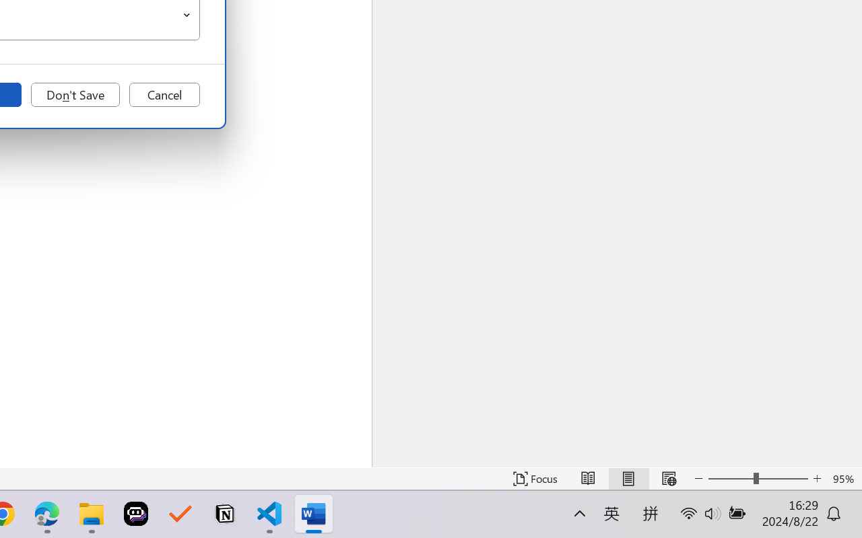 Image resolution: width=862 pixels, height=538 pixels. Describe the element at coordinates (164, 95) in the screenshot. I see `'Cancel'` at that location.